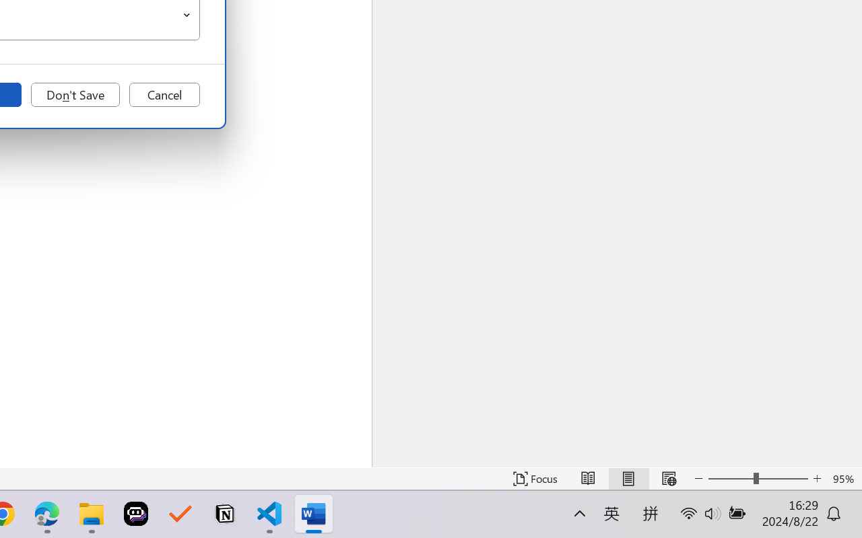 Image resolution: width=862 pixels, height=538 pixels. Describe the element at coordinates (164, 95) in the screenshot. I see `'Cancel'` at that location.